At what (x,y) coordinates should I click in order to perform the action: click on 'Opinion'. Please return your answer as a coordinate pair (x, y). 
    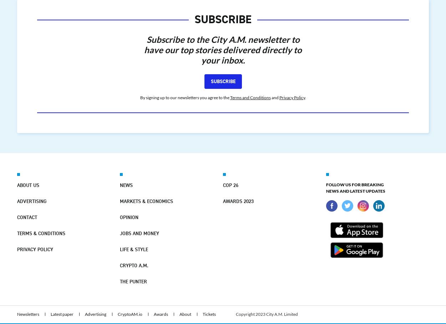
    Looking at the image, I should click on (129, 216).